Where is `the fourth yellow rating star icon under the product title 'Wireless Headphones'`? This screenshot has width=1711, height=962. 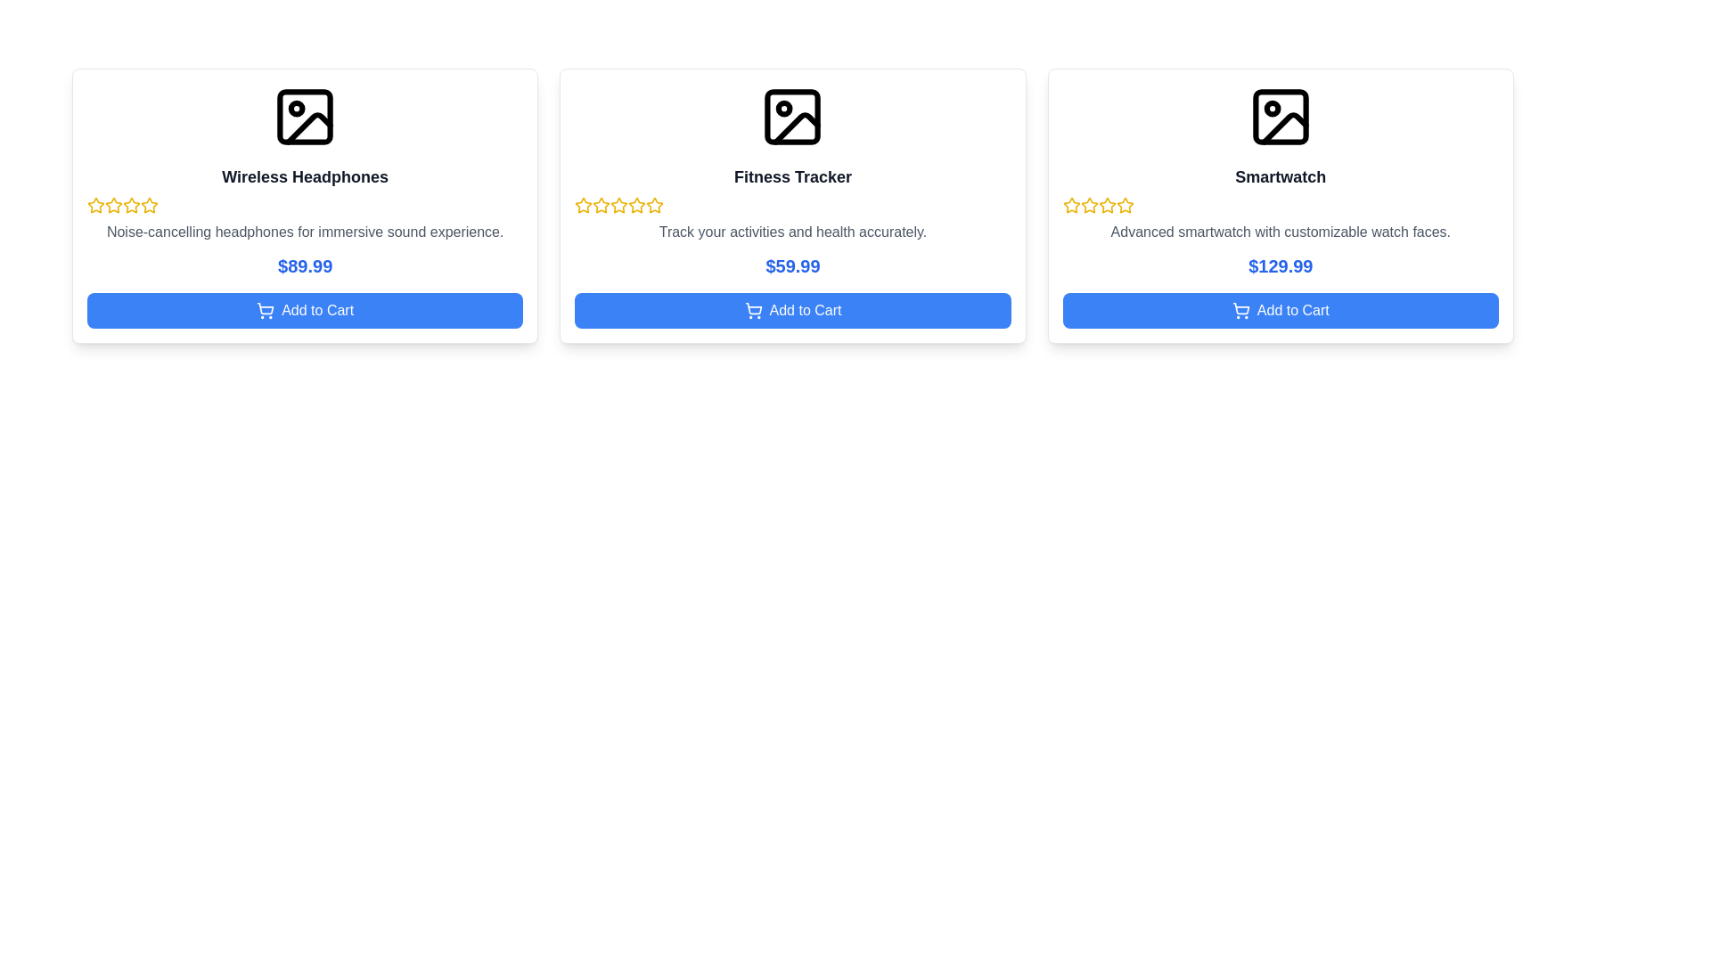
the fourth yellow rating star icon under the product title 'Wireless Headphones' is located at coordinates (131, 205).